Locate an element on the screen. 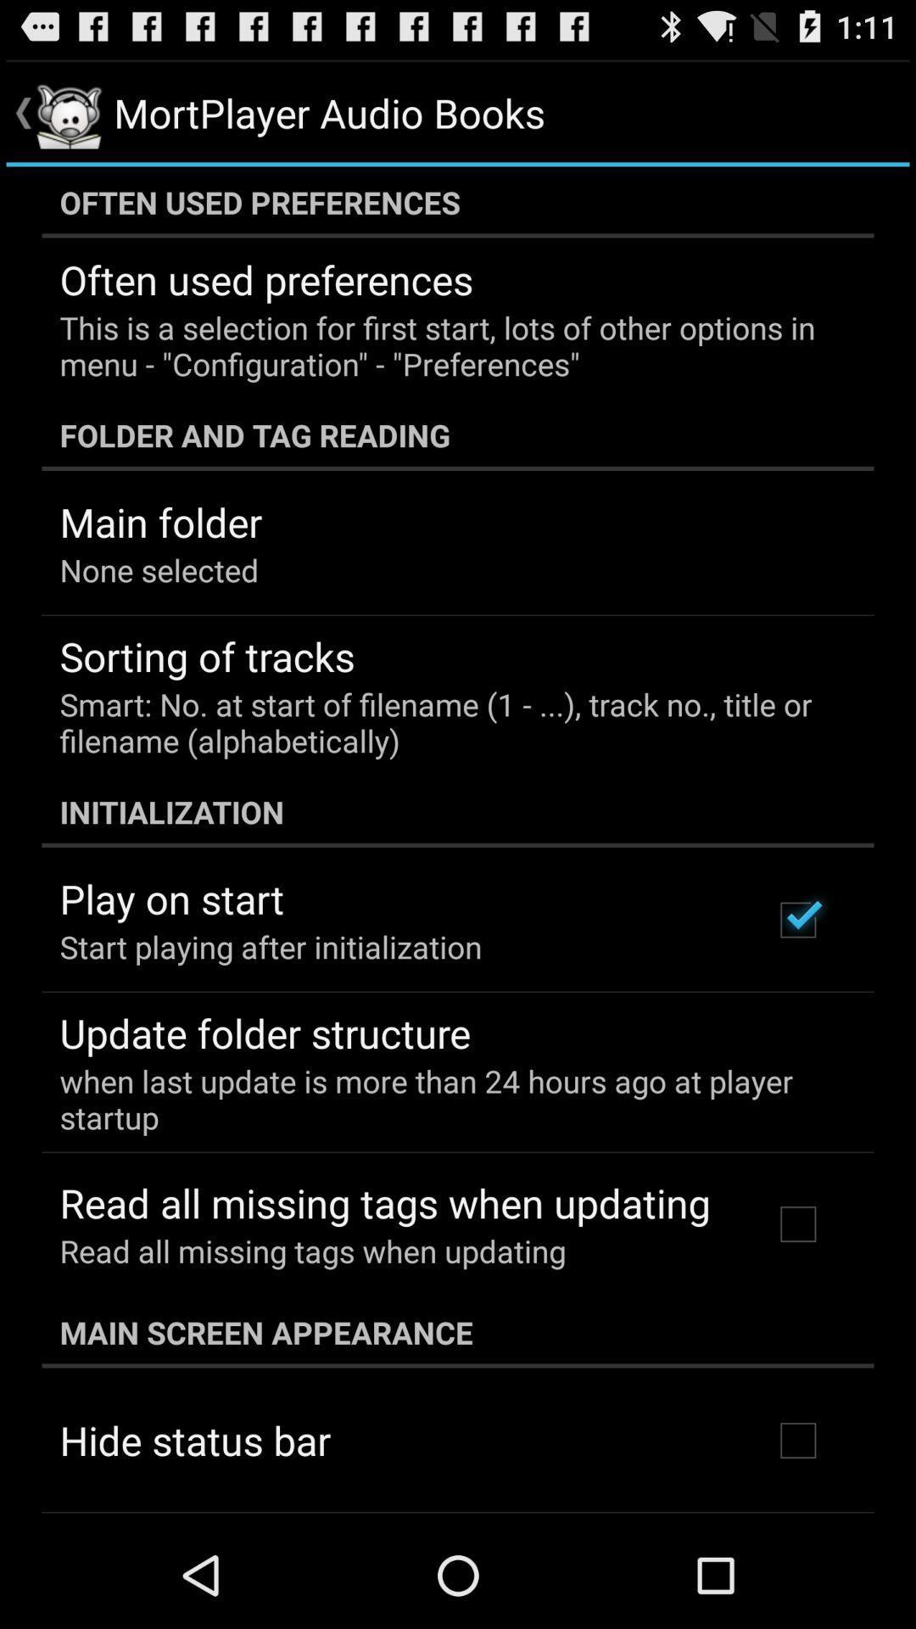  icon below the this is a is located at coordinates (458, 435).